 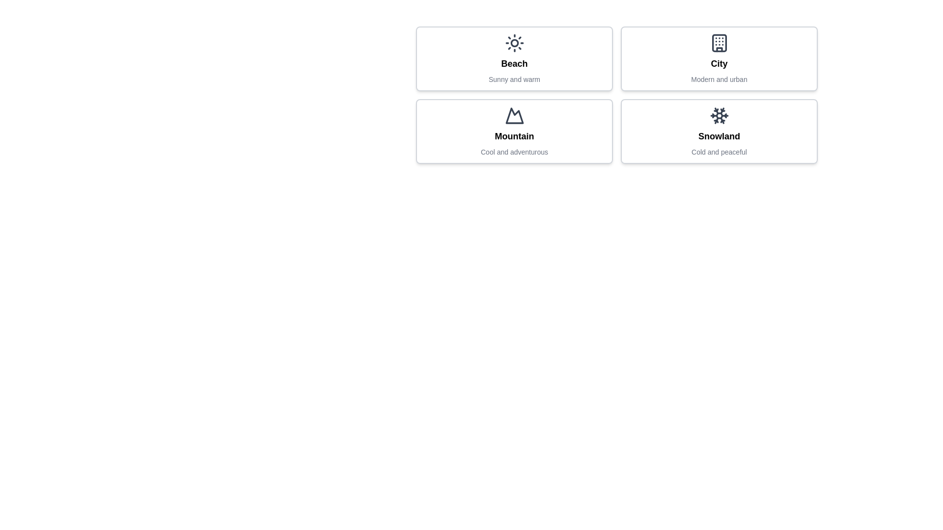 What do you see at coordinates (719, 43) in the screenshot?
I see `the Decorative SVG rectangle element located within the 'City' card in the second column of the top row` at bounding box center [719, 43].